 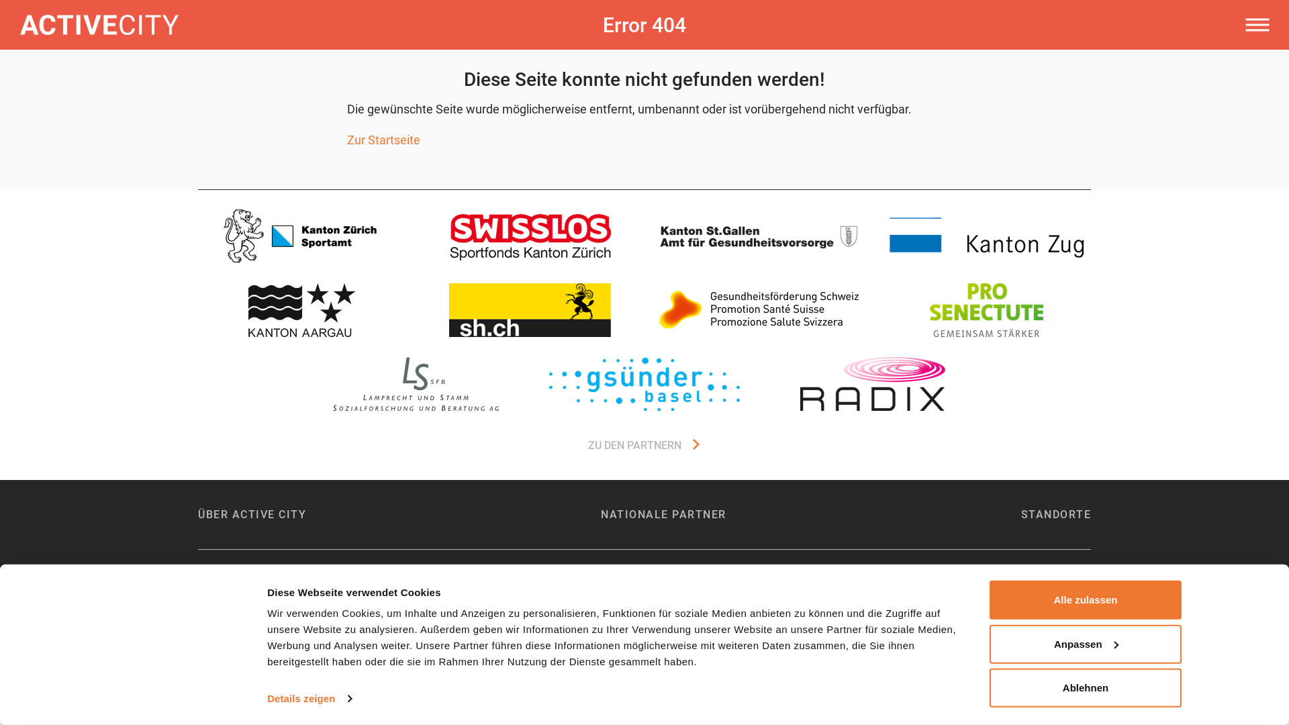 I want to click on 'Active City Logo weiss full', so click(x=99, y=25).